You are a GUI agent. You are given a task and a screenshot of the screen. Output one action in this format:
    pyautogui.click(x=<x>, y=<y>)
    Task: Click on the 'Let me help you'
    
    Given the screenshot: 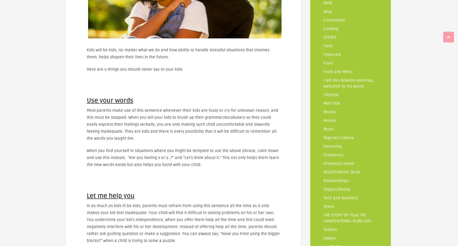 What is the action you would take?
    pyautogui.click(x=110, y=196)
    